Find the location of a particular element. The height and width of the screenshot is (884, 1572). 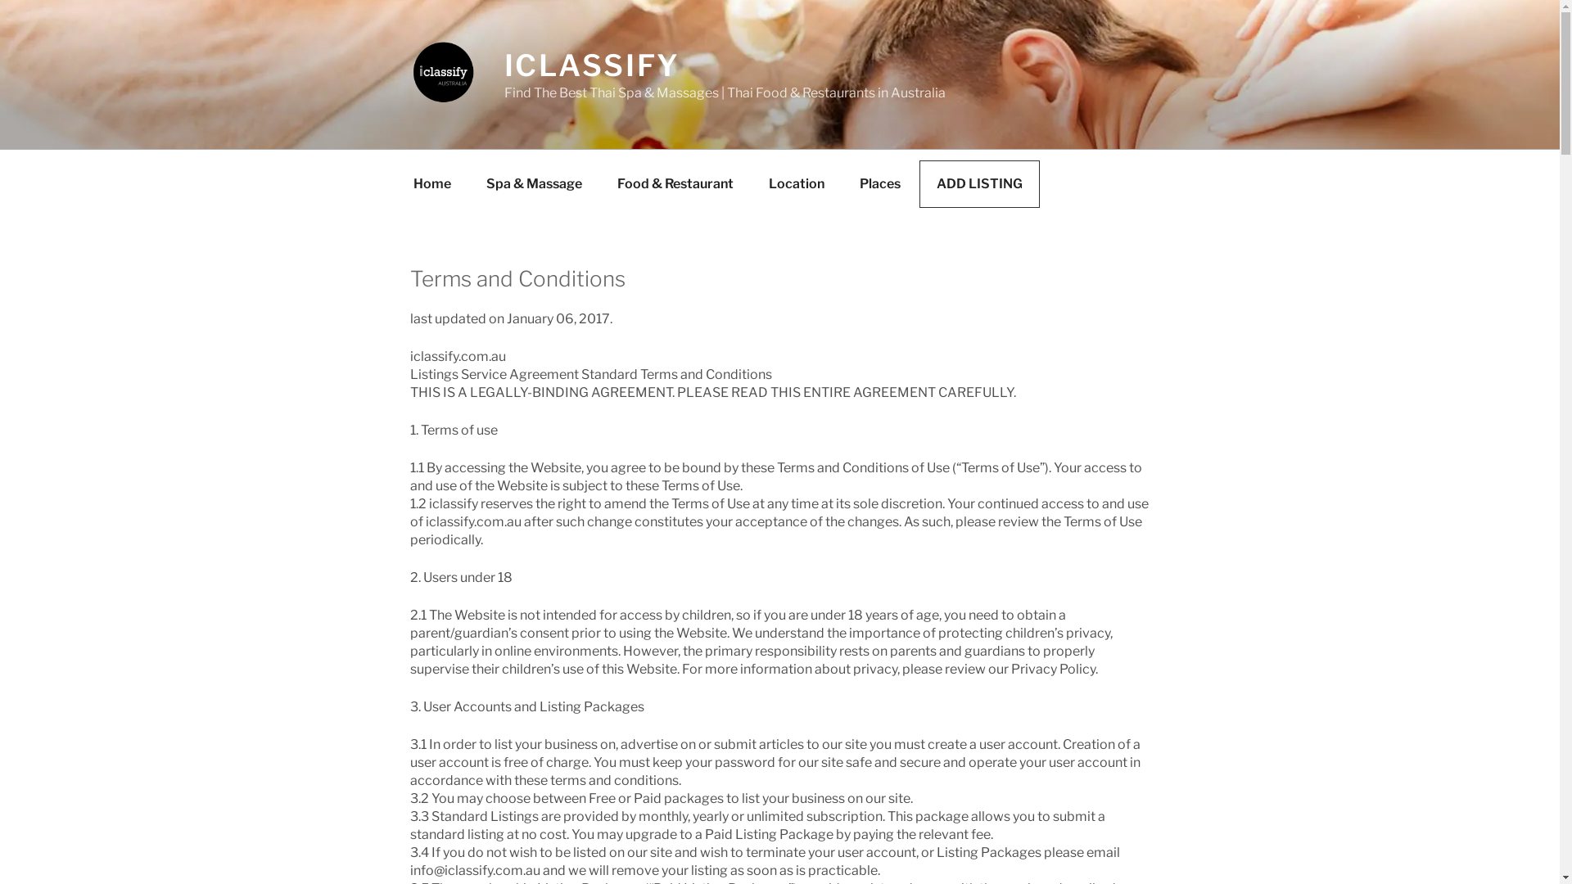

'ICLASSIFY' is located at coordinates (591, 65).